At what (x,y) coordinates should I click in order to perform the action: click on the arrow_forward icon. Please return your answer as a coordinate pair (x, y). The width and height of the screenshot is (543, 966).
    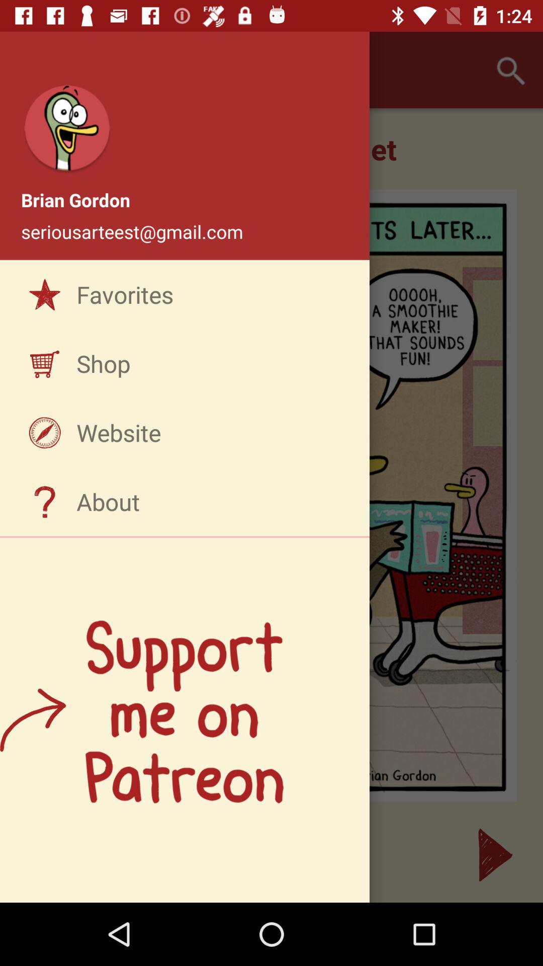
    Looking at the image, I should click on (495, 854).